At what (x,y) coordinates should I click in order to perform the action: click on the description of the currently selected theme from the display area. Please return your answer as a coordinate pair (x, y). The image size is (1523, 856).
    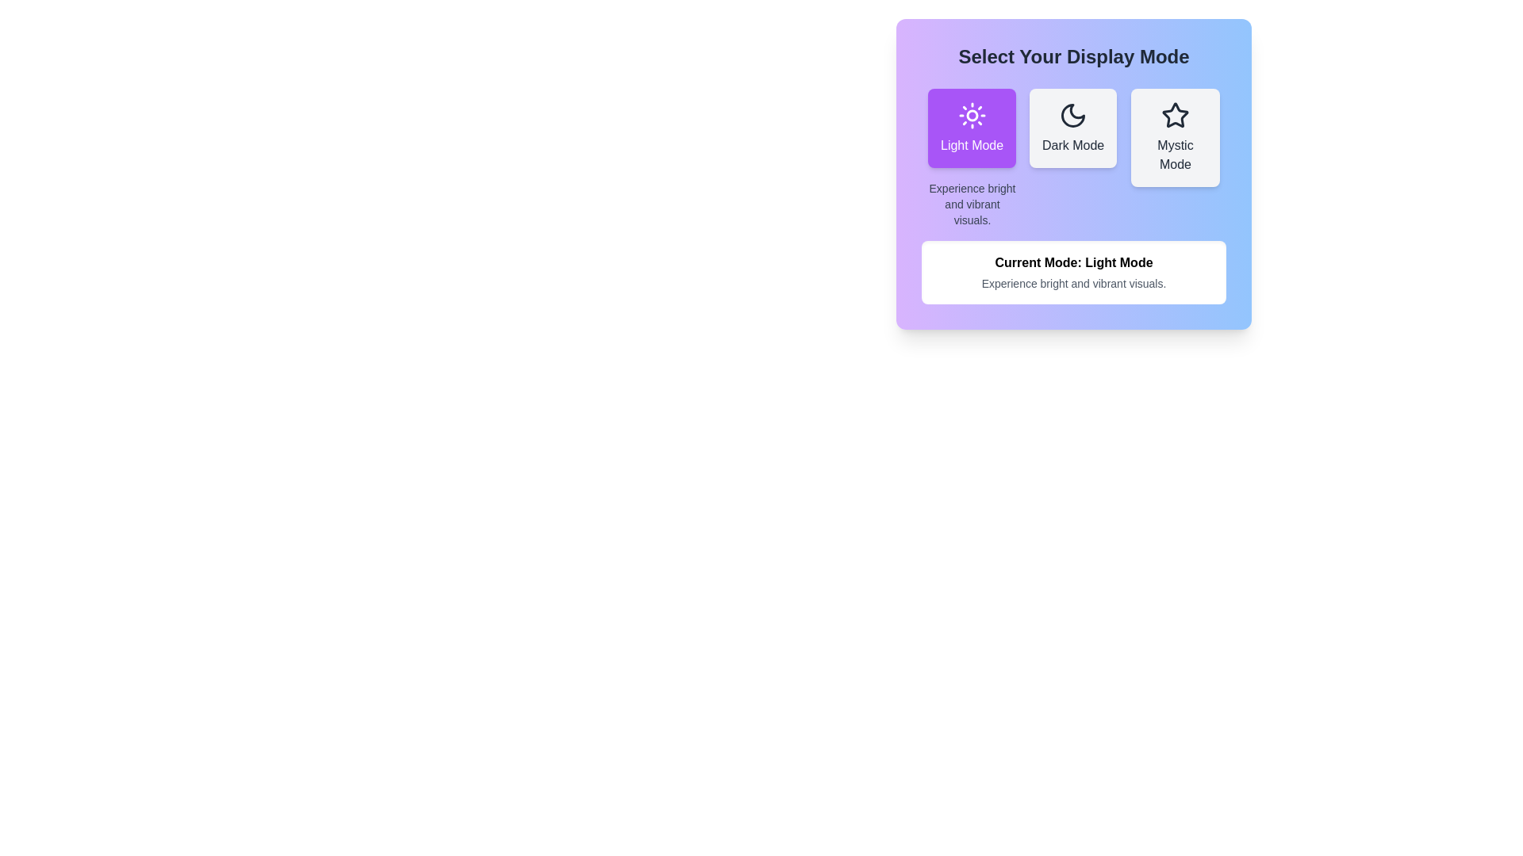
    Looking at the image, I should click on (1073, 271).